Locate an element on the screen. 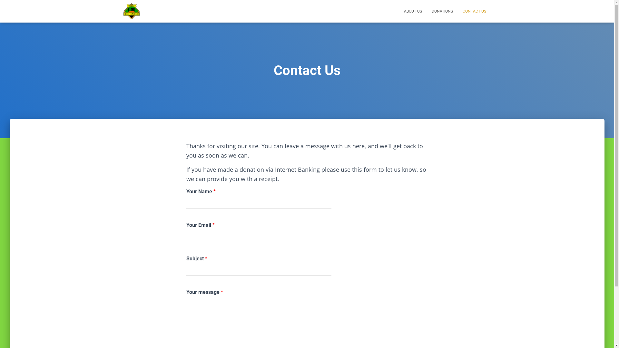 This screenshot has width=619, height=348. 'CONTACT US' is located at coordinates (474, 11).